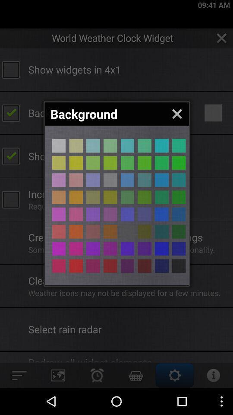 This screenshot has height=415, width=233. Describe the element at coordinates (161, 146) in the screenshot. I see `aqua background color` at that location.